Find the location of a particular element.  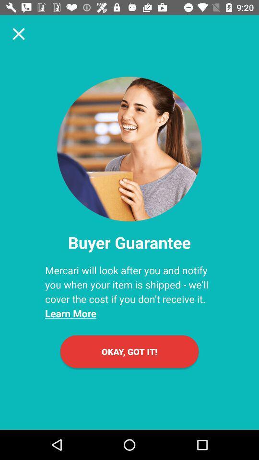

the close icon is located at coordinates (19, 34).